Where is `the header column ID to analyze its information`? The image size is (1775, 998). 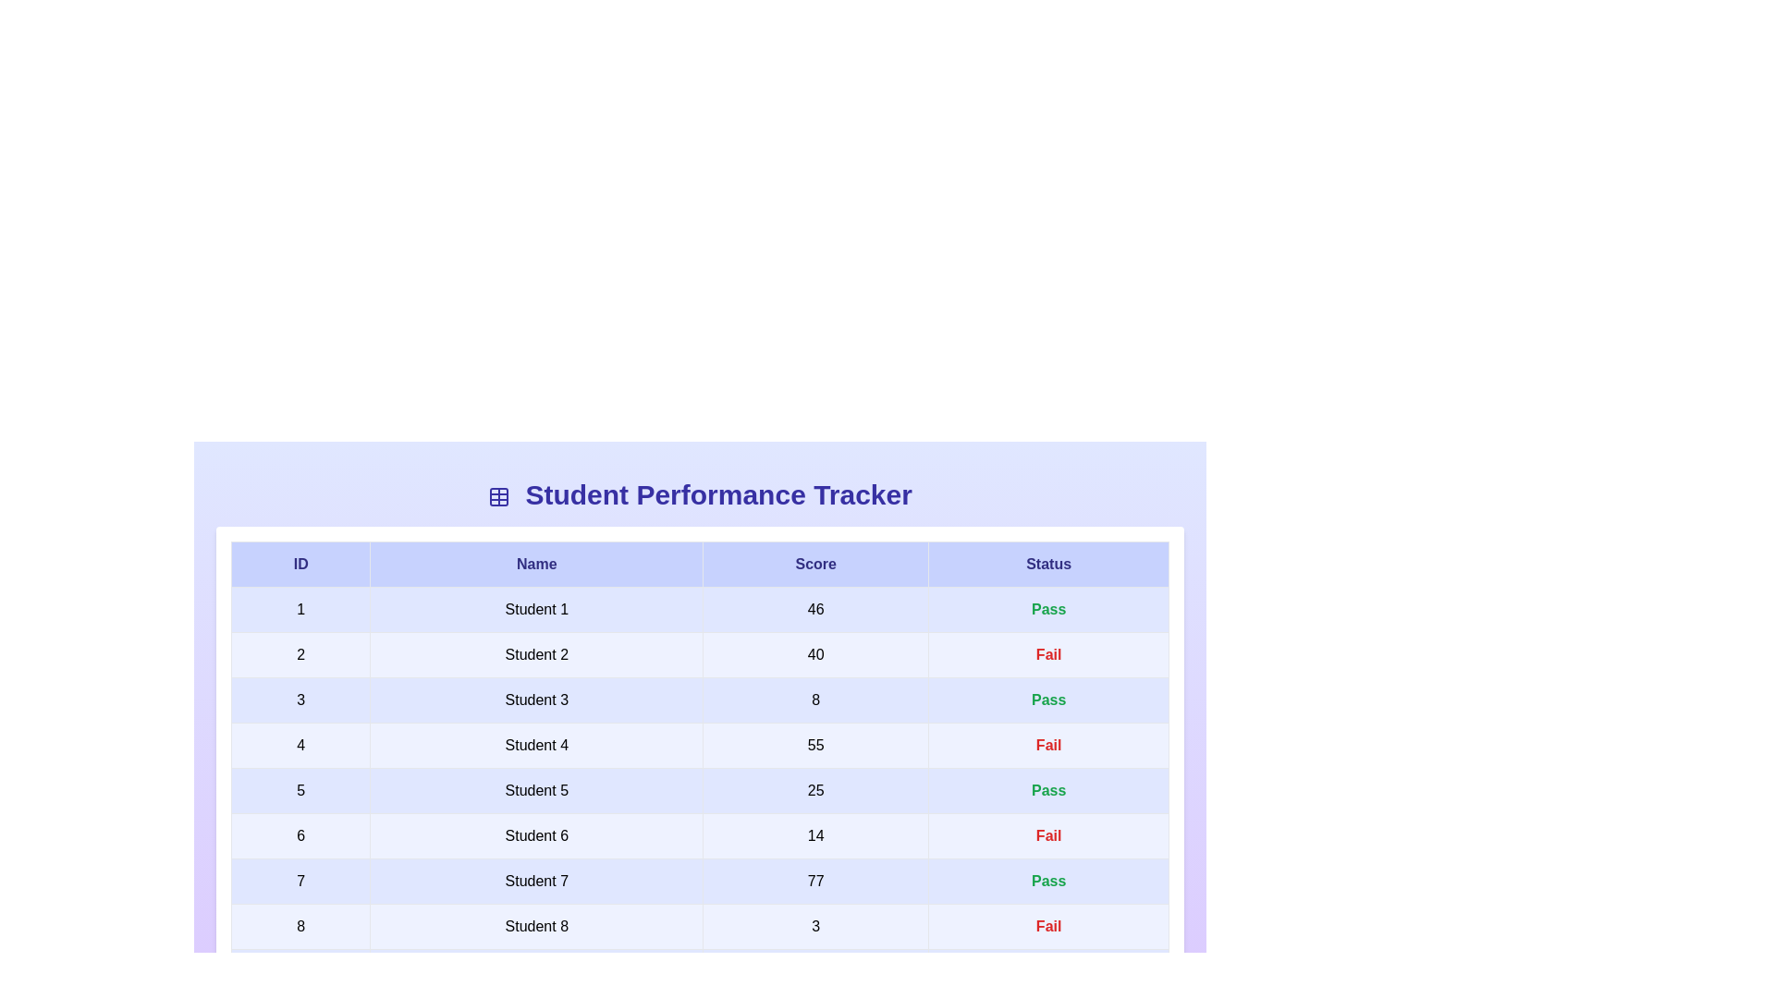
the header column ID to analyze its information is located at coordinates (300, 563).